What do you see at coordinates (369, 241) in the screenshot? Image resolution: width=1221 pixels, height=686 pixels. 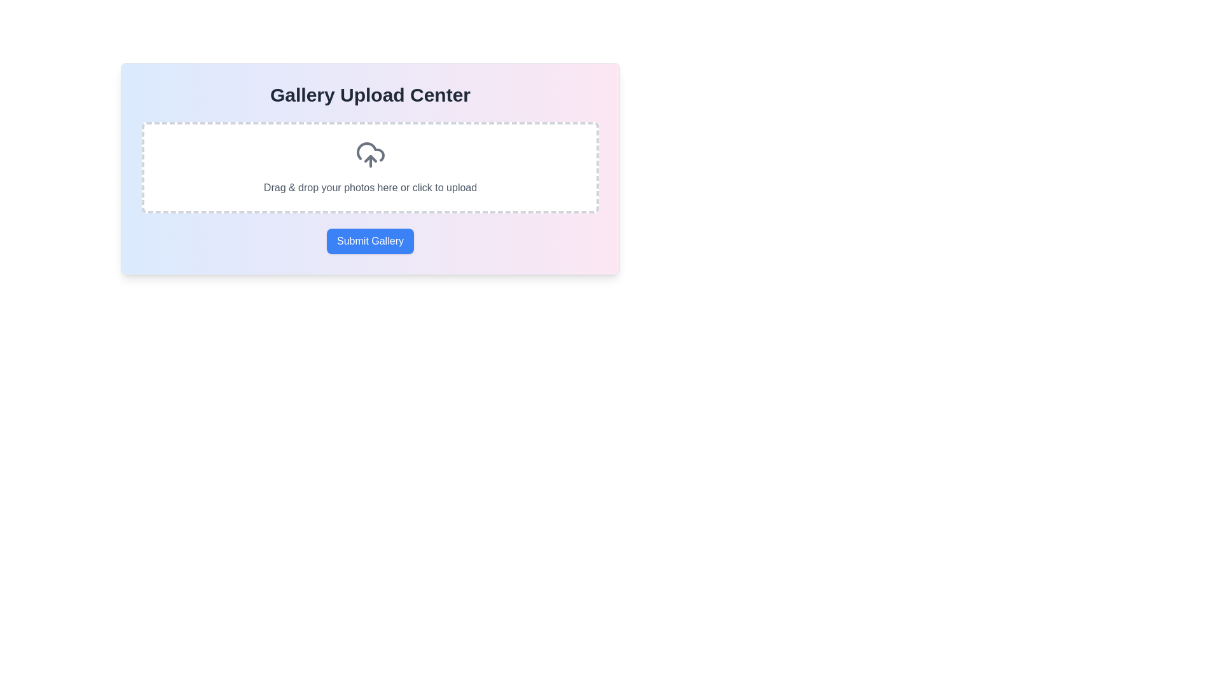 I see `the rectangular button with a blue background and white text reading 'Submit Gallery'` at bounding box center [369, 241].